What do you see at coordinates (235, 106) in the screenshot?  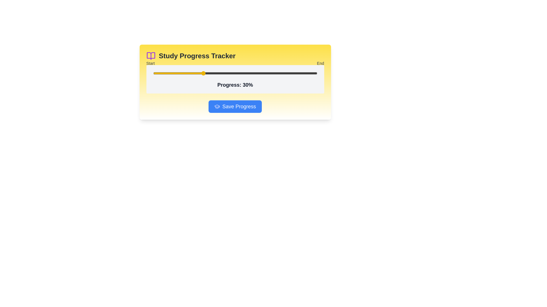 I see `the 'Save Progress' button to save the current progress` at bounding box center [235, 106].